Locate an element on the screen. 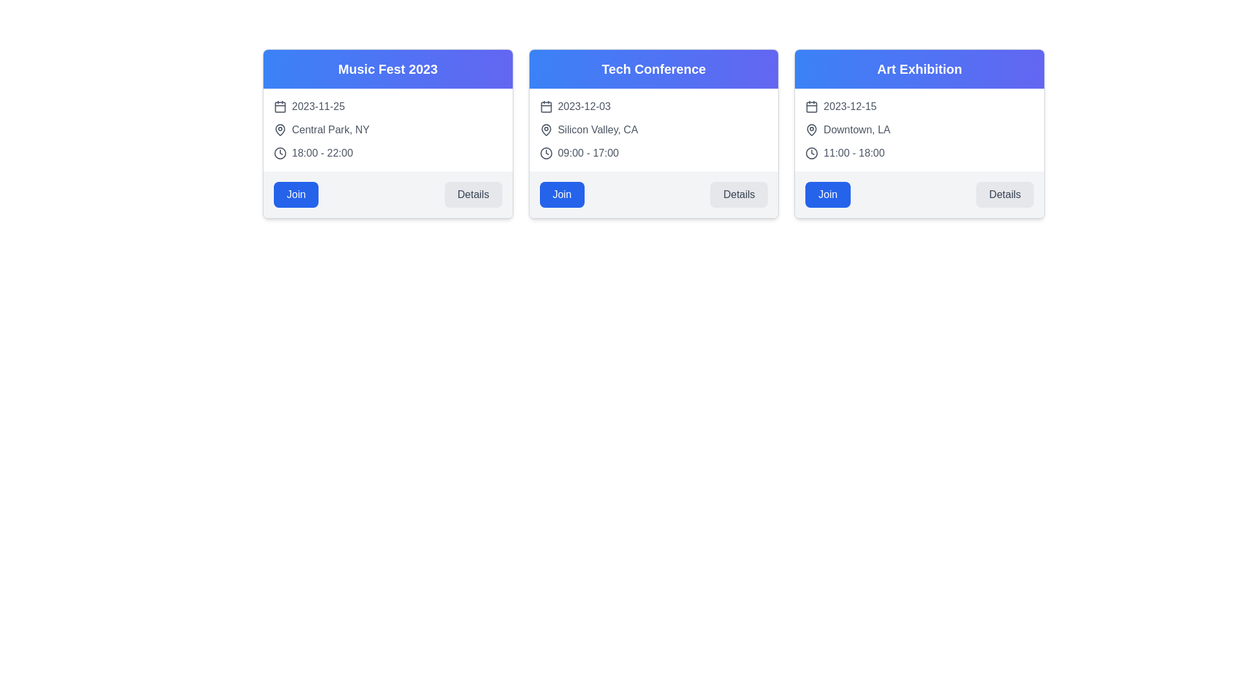  the 'Details' button next to the 'Join' button is located at coordinates (1004, 194).